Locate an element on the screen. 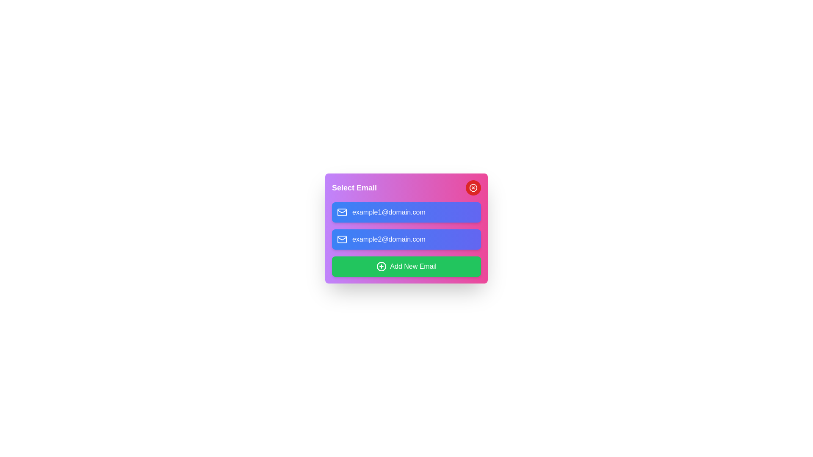  close button to dismiss the dialog is located at coordinates (473, 187).